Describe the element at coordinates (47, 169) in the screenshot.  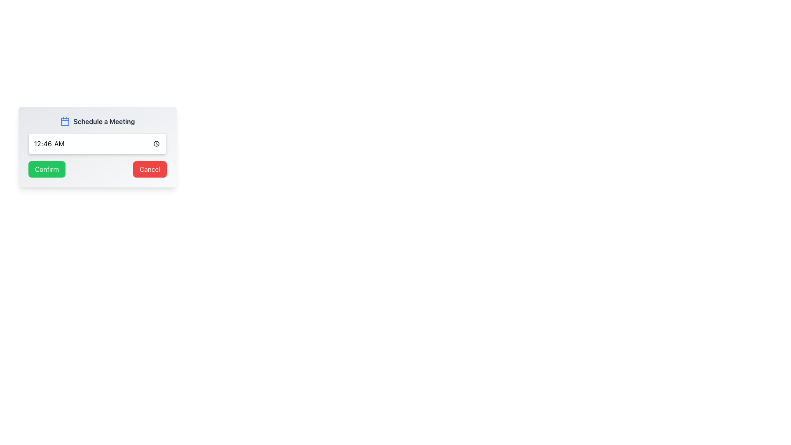
I see `the rectangular 'Confirm' button with a green background and white text` at that location.